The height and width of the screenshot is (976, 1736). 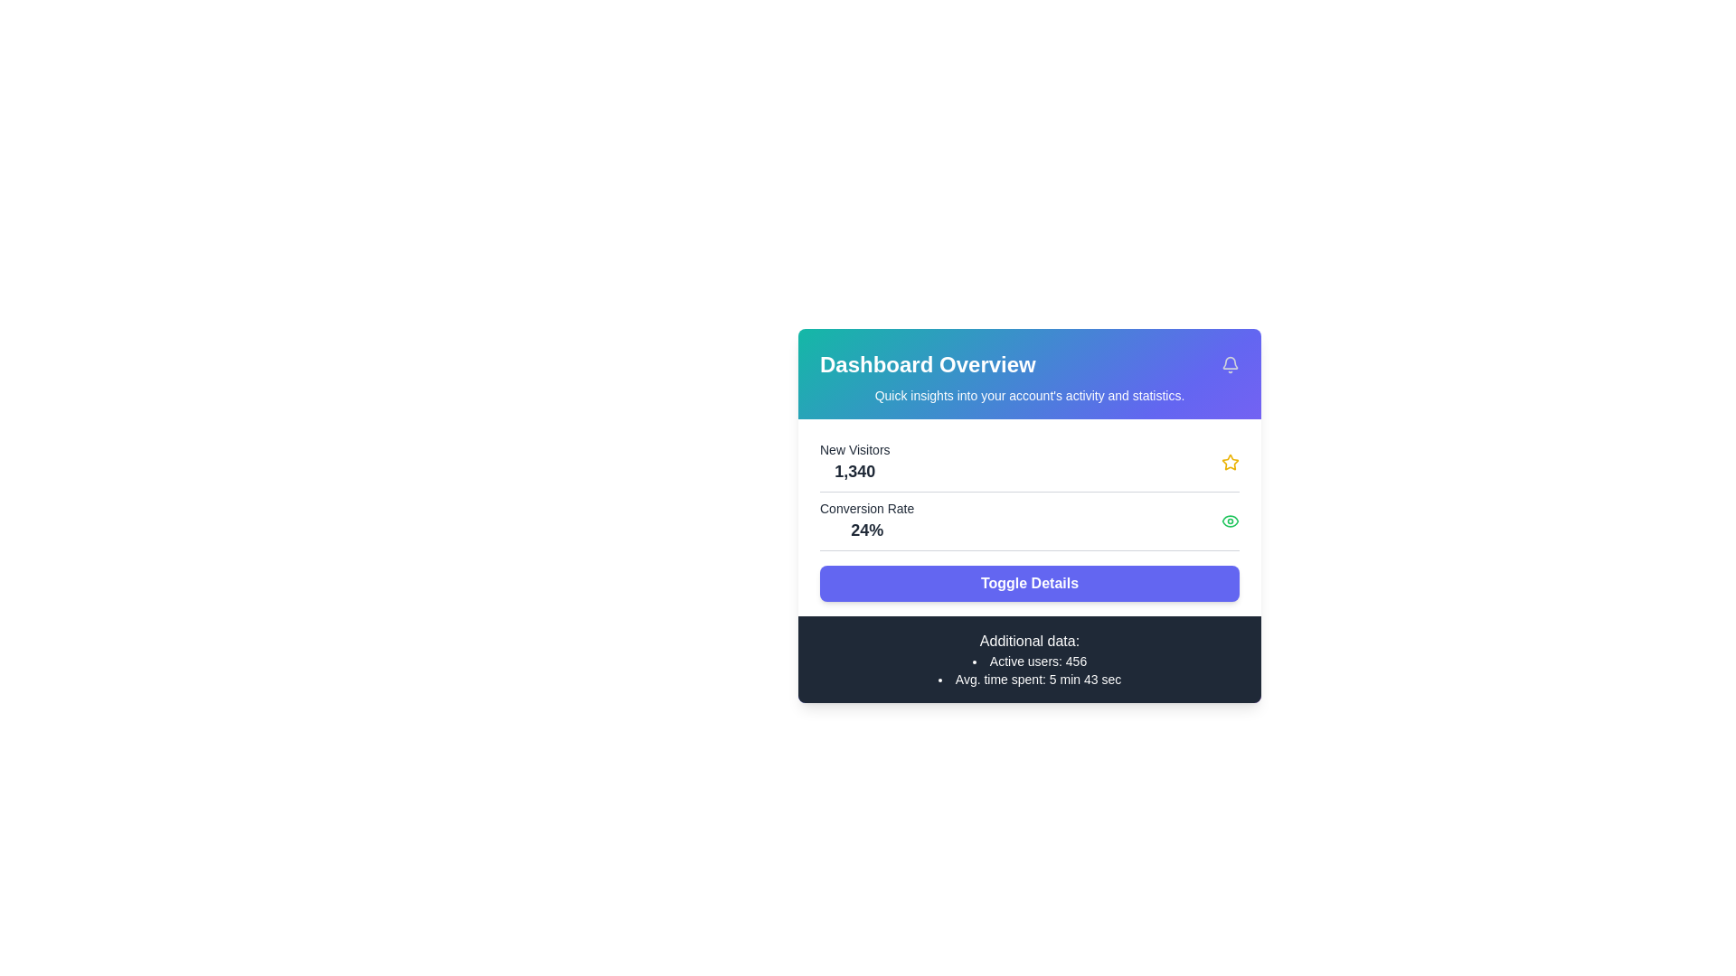 I want to click on the Header section of the card that provides a title and brief description, located at the top of the card above 'New Visitors' and 'Conversion Rate', so click(x=1029, y=372).